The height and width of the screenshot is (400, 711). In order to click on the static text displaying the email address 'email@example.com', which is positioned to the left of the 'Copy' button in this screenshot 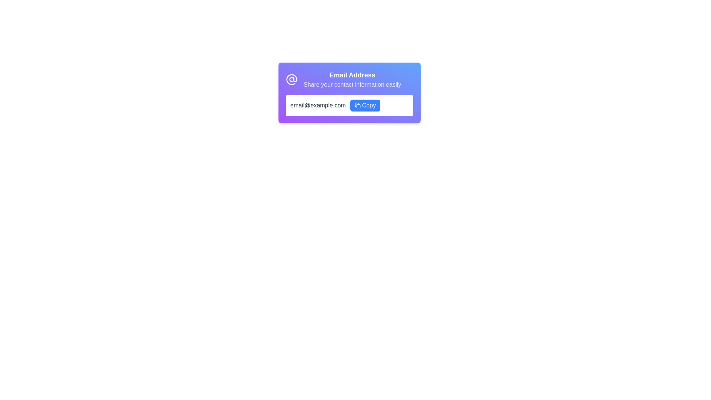, I will do `click(318, 106)`.